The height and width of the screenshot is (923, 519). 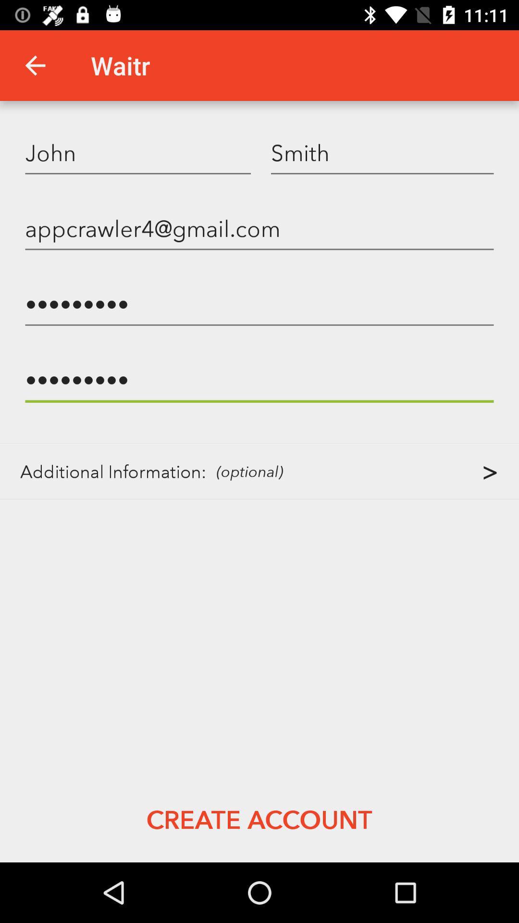 What do you see at coordinates (382, 152) in the screenshot?
I see `smith item` at bounding box center [382, 152].